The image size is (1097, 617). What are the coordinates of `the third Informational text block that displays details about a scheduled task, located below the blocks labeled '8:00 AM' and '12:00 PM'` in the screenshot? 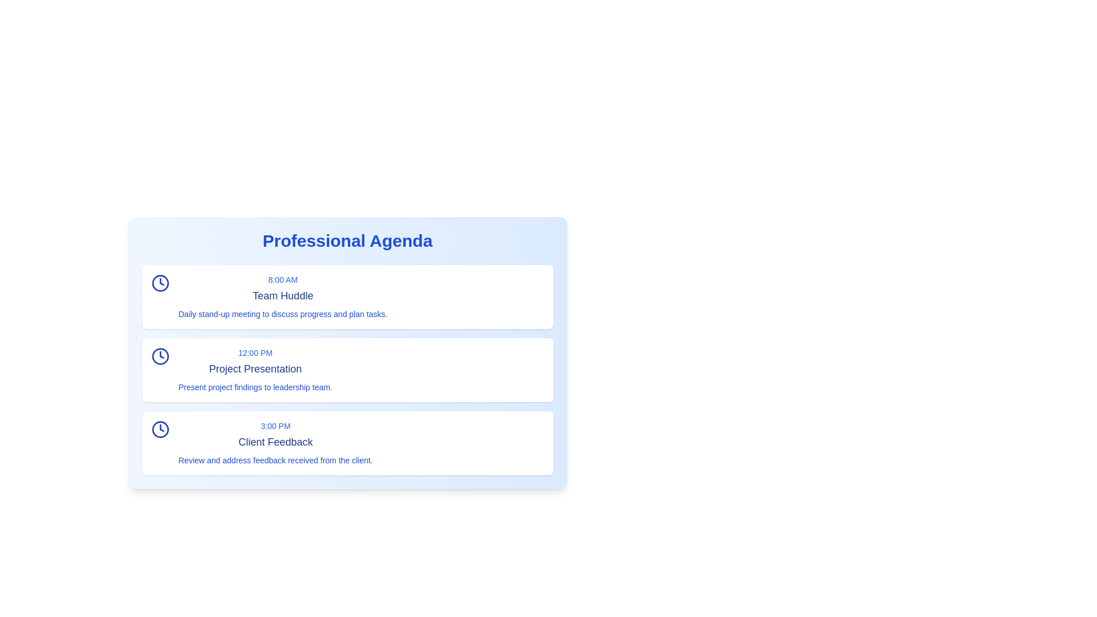 It's located at (275, 442).